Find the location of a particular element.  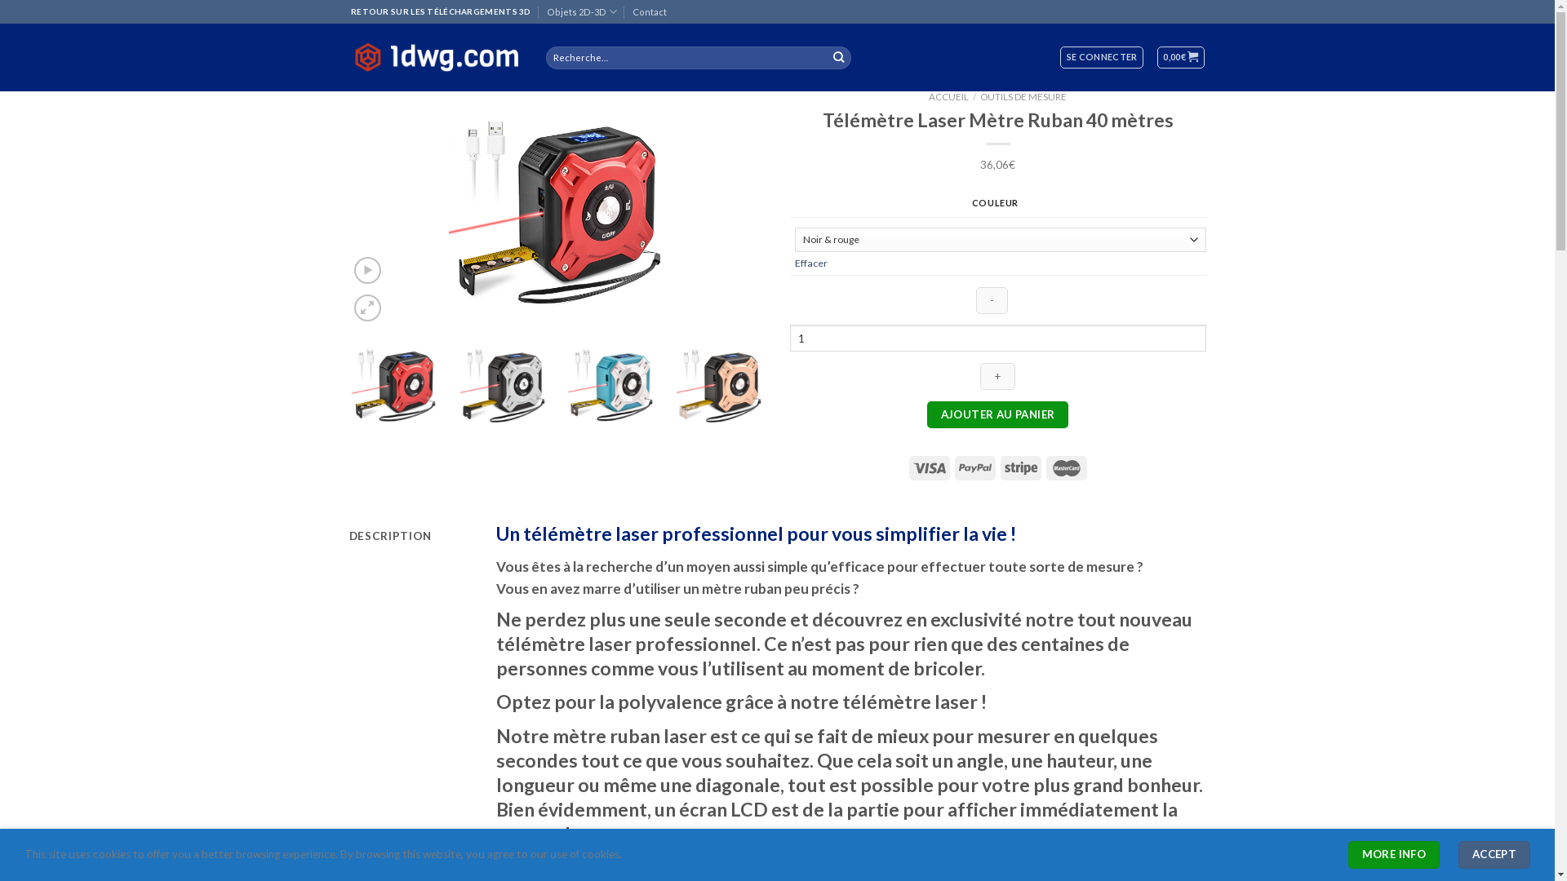

'MORE INFO' is located at coordinates (1393, 854).